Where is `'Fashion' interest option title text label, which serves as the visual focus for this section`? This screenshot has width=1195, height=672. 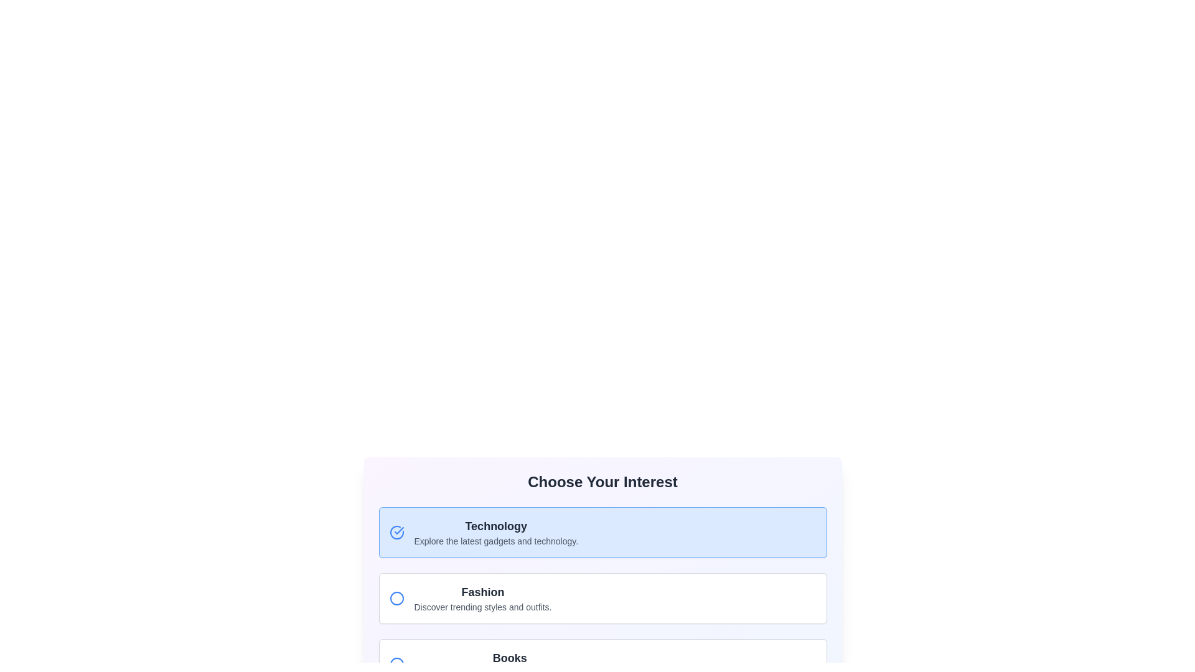
'Fashion' interest option title text label, which serves as the visual focus for this section is located at coordinates (482, 592).